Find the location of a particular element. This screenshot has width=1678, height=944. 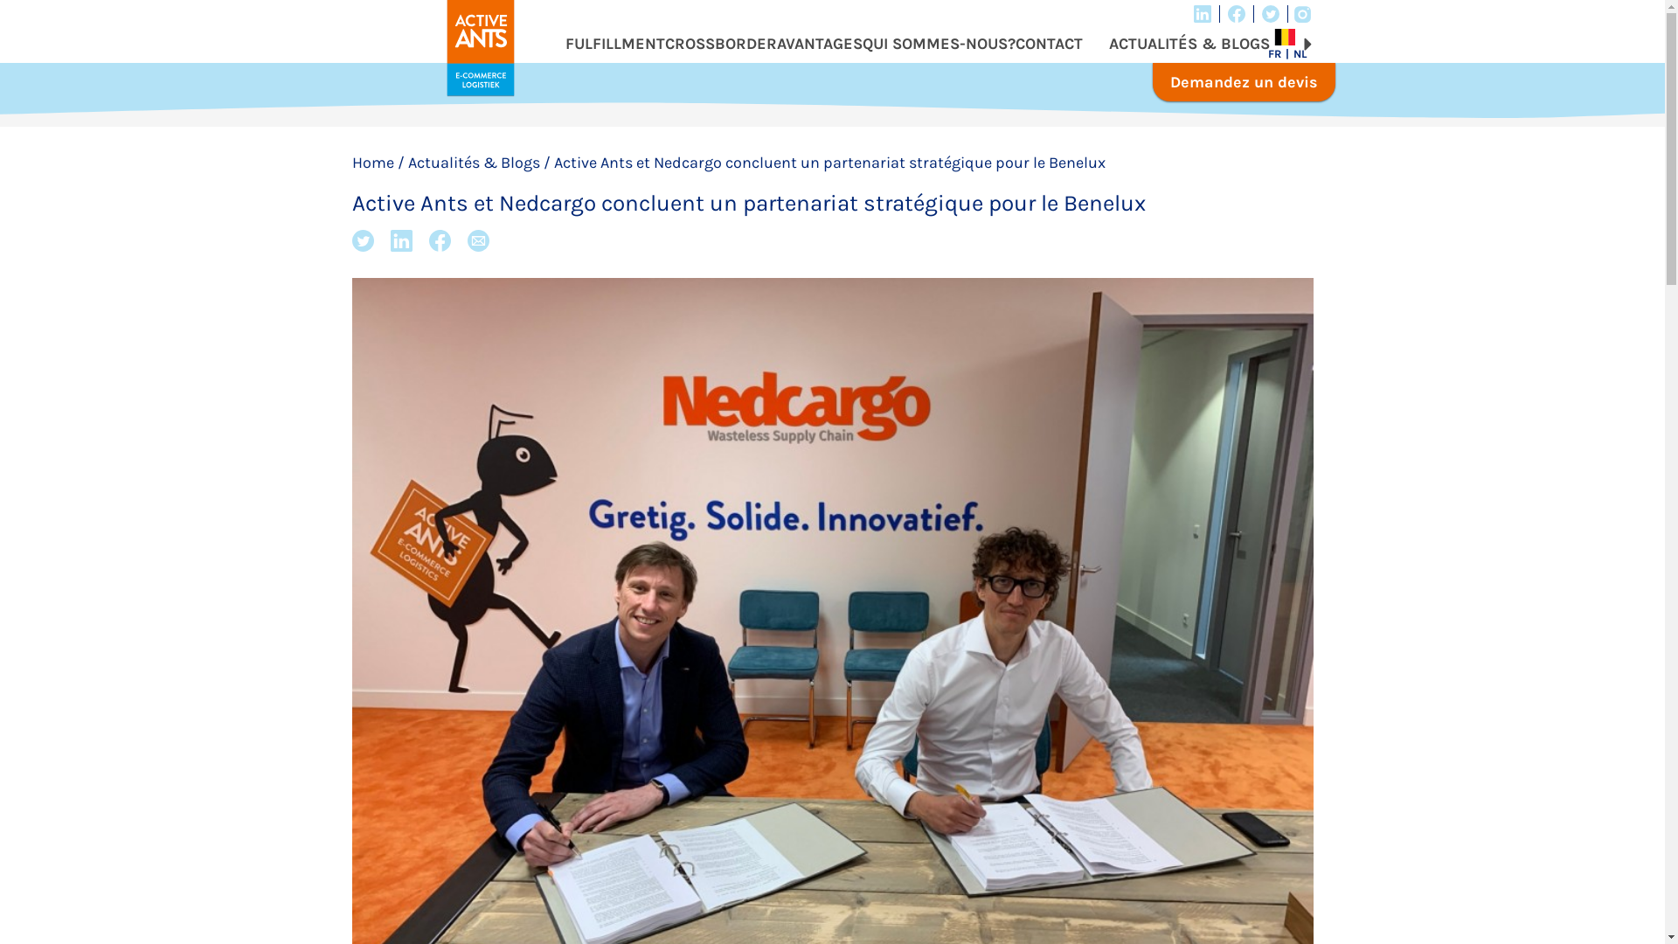

'Home' is located at coordinates (371, 162).